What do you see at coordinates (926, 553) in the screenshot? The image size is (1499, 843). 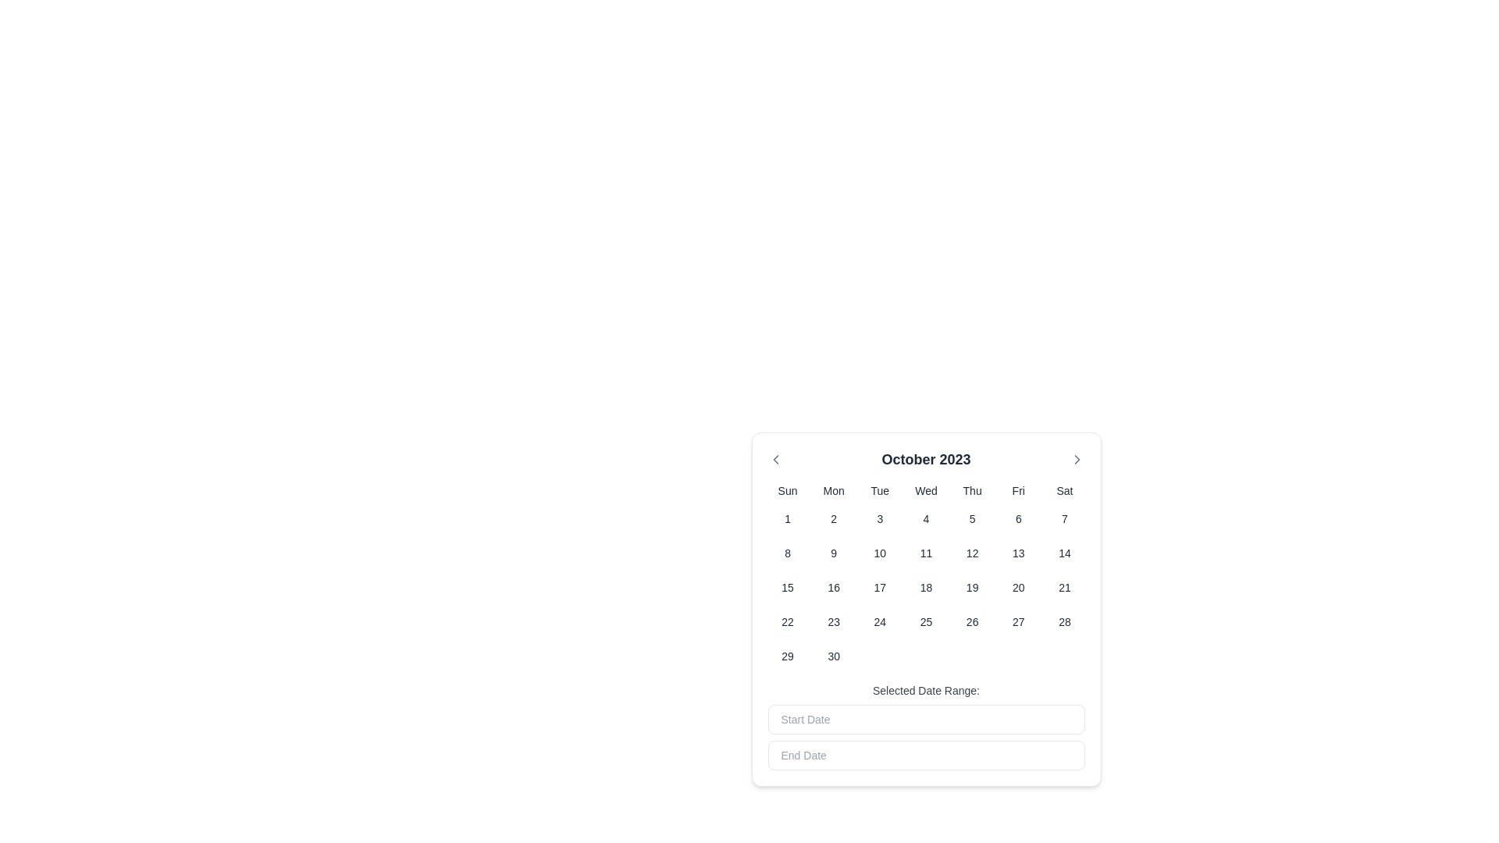 I see `the date button representing '11' in the calendar located in the third row and fourth column` at bounding box center [926, 553].